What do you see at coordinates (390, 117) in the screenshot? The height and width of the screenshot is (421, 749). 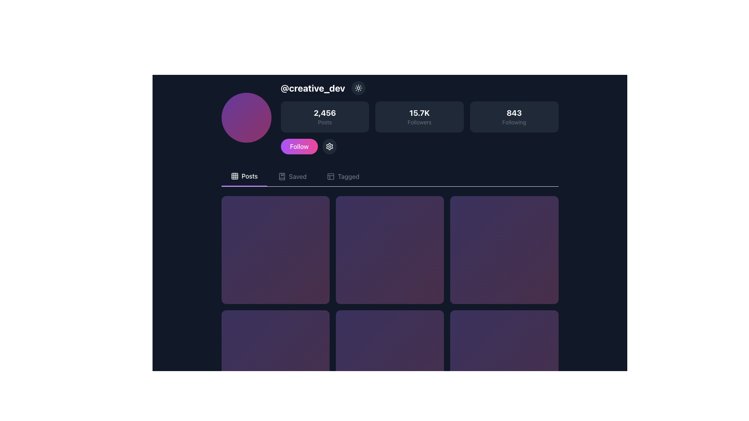 I see `the Profile Summary Section` at bounding box center [390, 117].